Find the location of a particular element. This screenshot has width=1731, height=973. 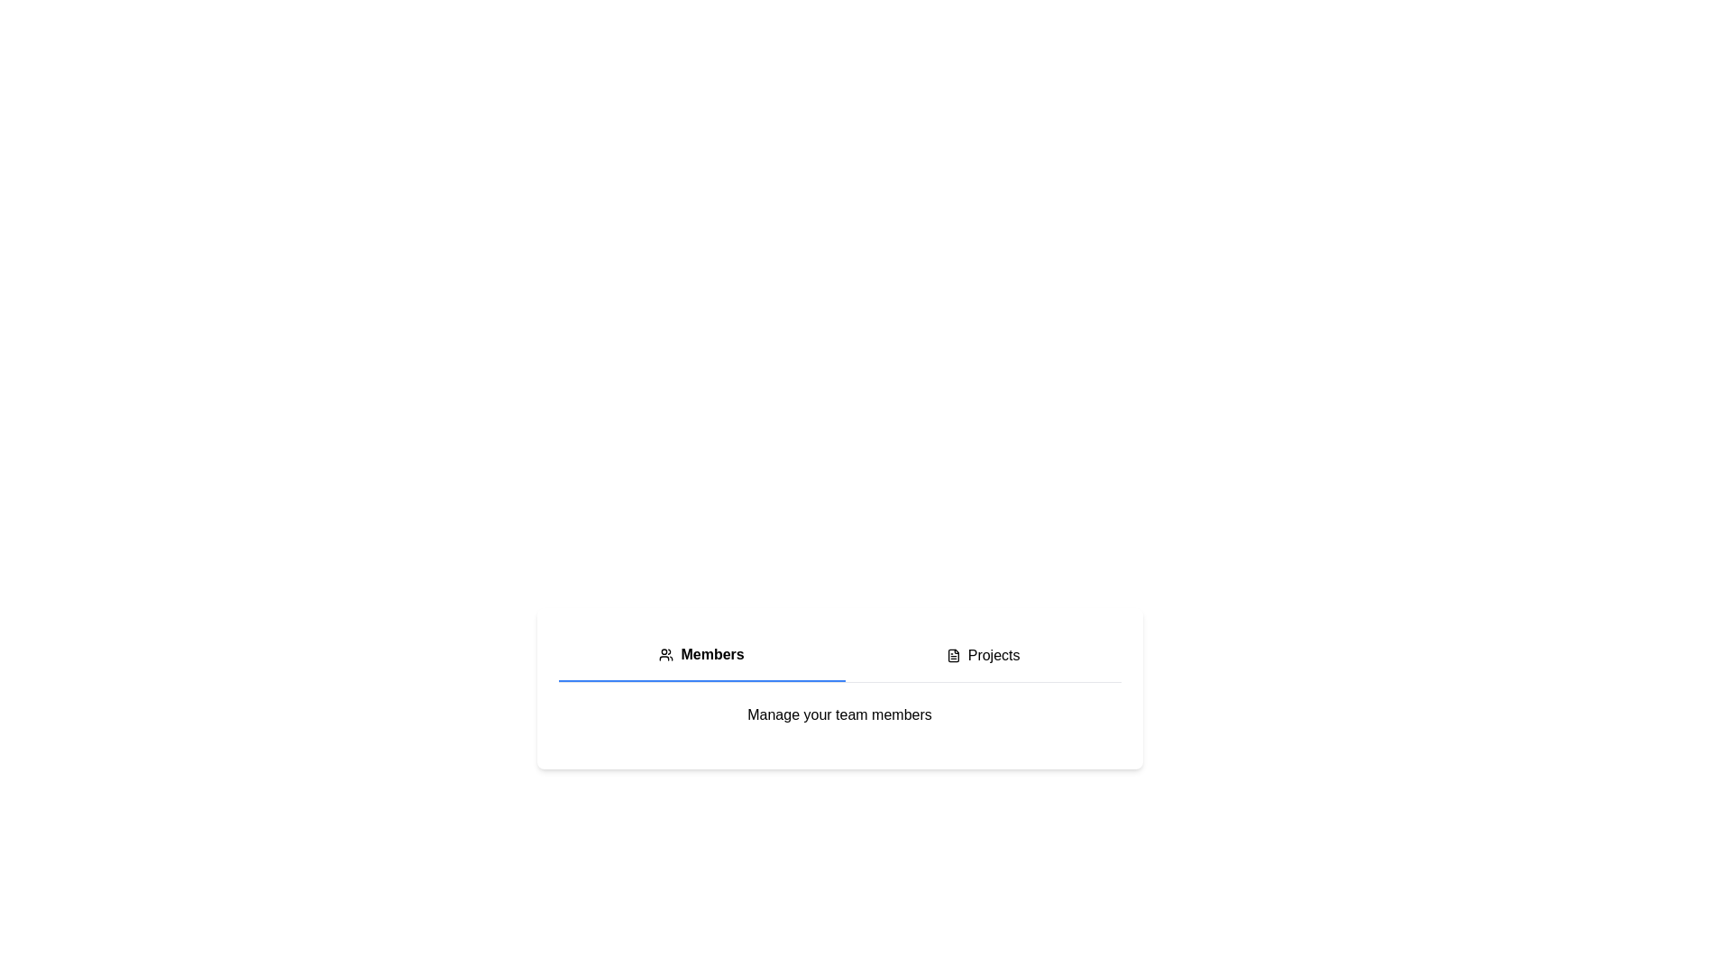

the user icon in the 'Members' label, which features a bold text on a white background and is located centrally in the top navigation bar is located at coordinates (701, 654).